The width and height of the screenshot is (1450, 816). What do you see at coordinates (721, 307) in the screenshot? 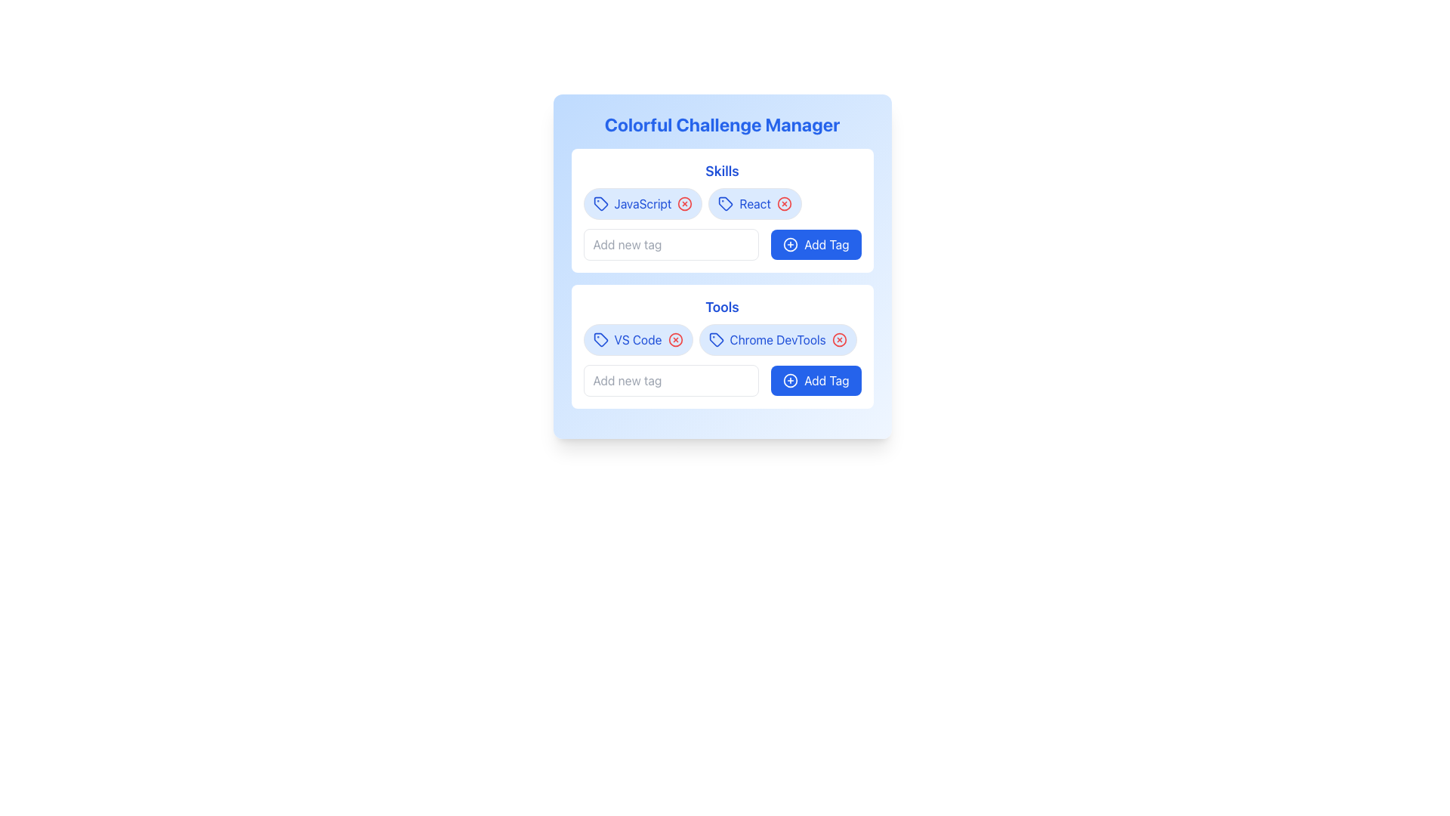
I see `the text element labeled 'Tools', which is displayed in bold blue font, located in the second section of the interface underneath the 'Skills' section` at bounding box center [721, 307].